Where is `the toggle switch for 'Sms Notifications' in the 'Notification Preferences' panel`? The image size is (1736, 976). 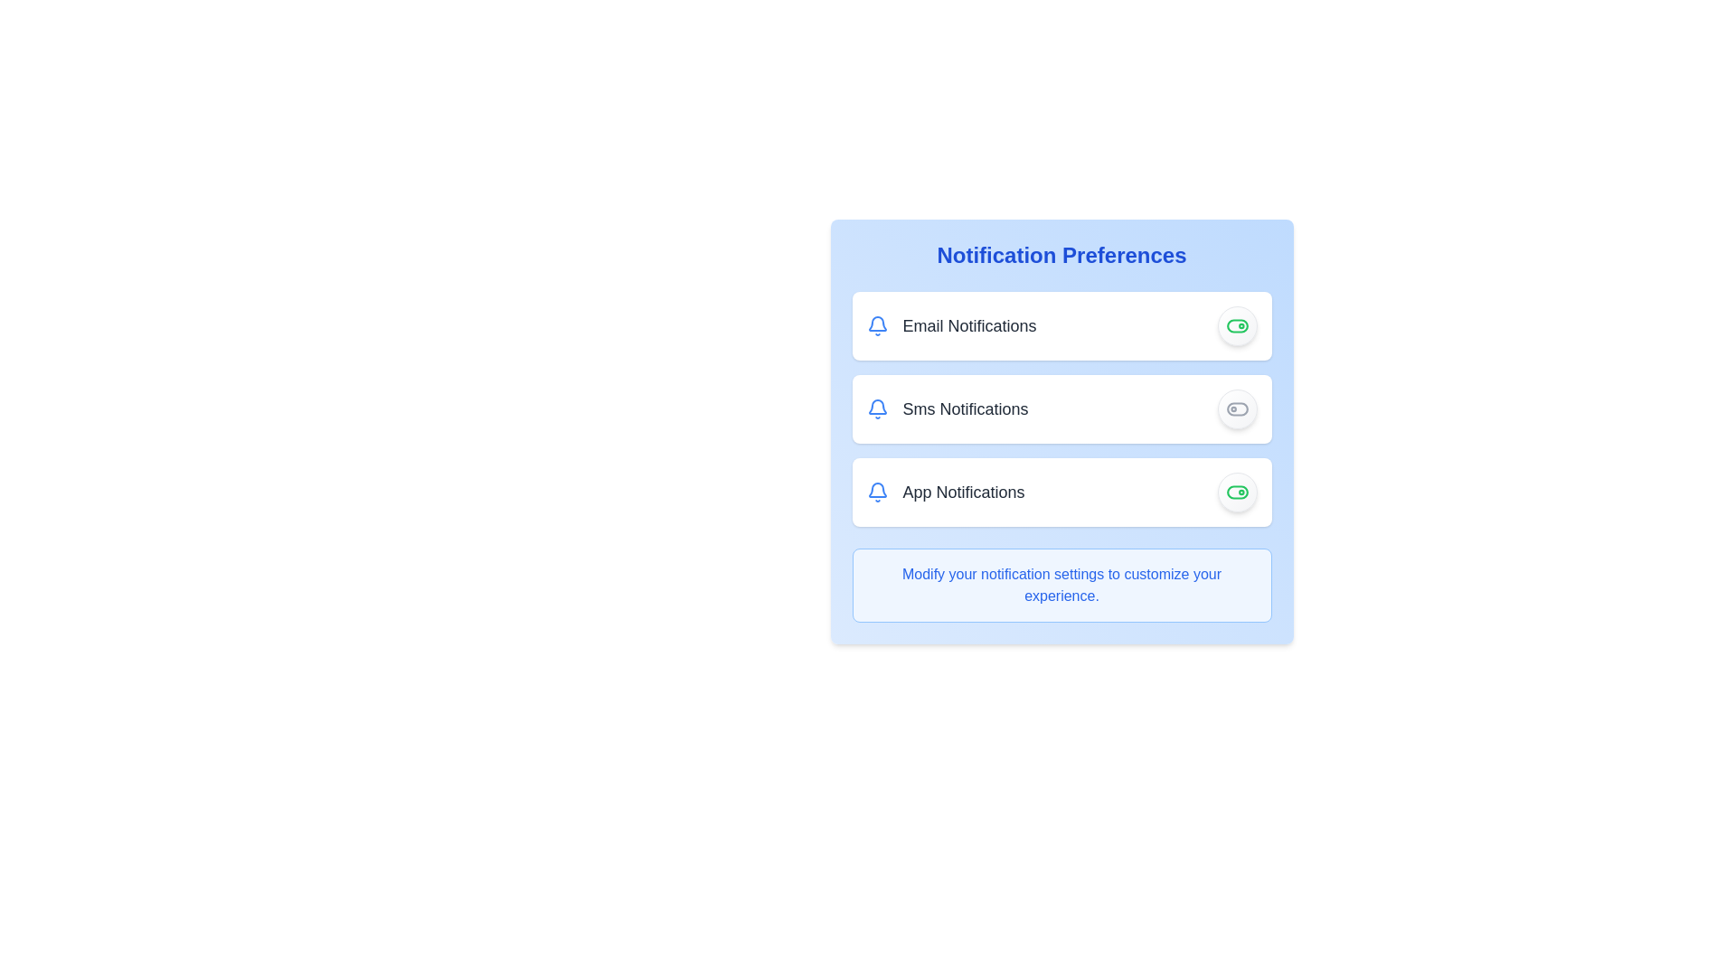
the toggle switch for 'Sms Notifications' in the 'Notification Preferences' panel is located at coordinates (1236, 408).